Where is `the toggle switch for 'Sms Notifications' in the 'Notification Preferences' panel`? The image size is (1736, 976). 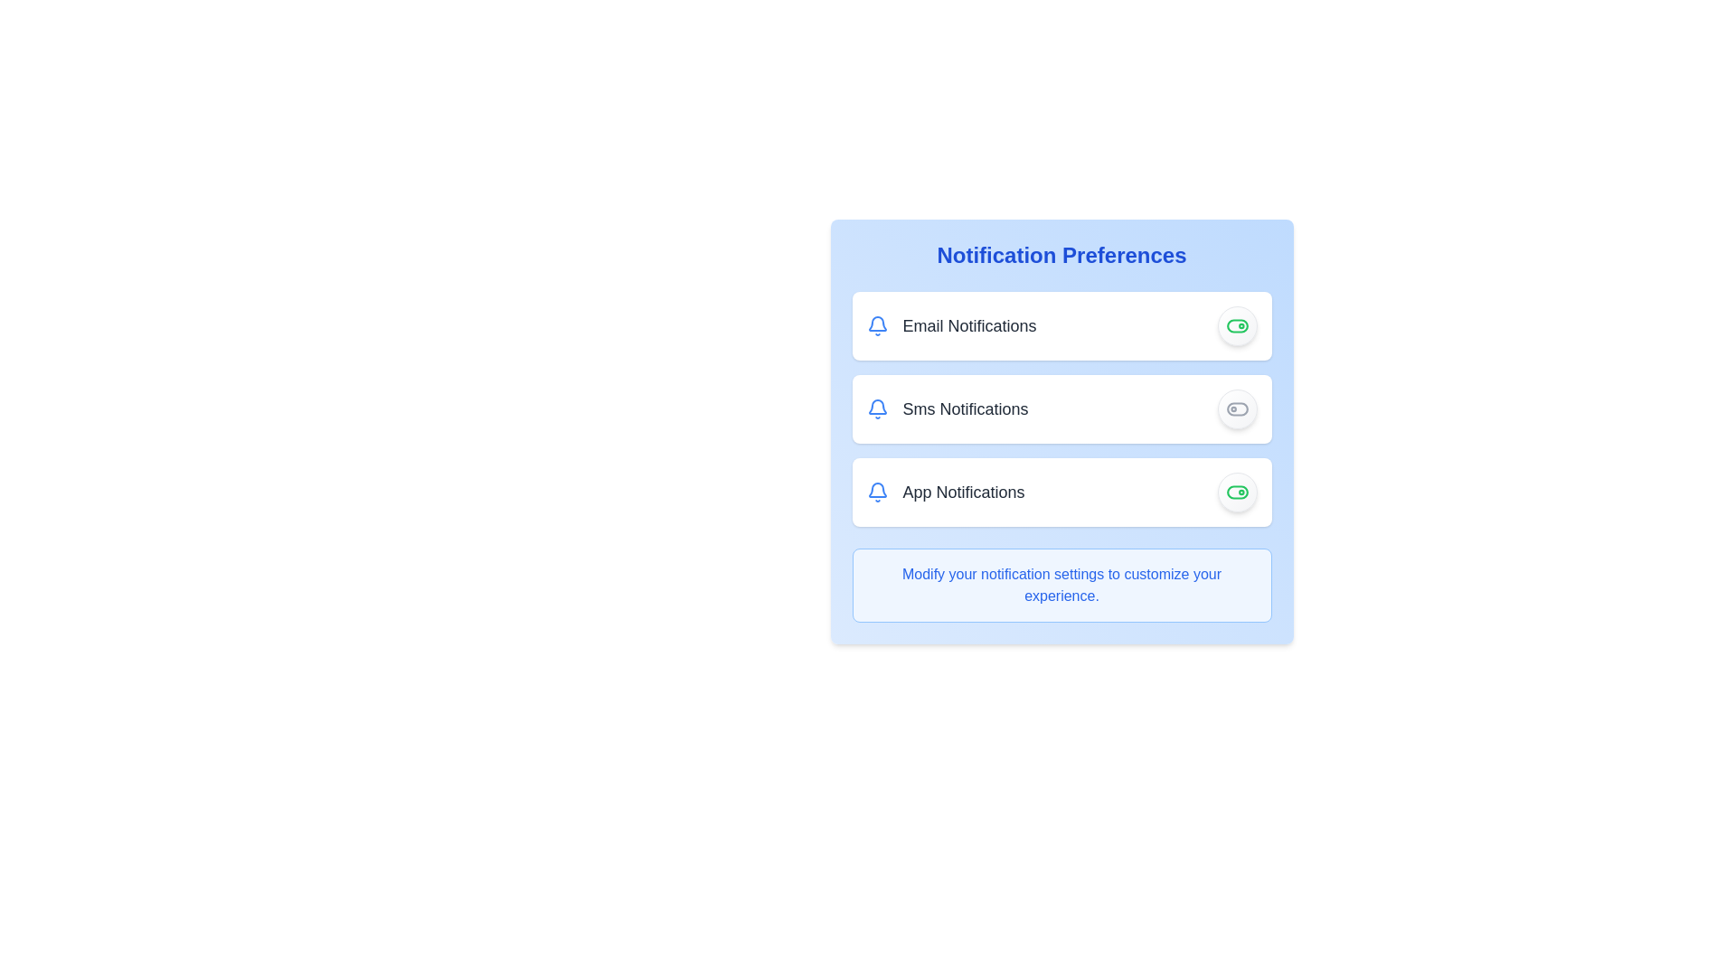
the toggle switch for 'Sms Notifications' in the 'Notification Preferences' panel is located at coordinates (1236, 408).